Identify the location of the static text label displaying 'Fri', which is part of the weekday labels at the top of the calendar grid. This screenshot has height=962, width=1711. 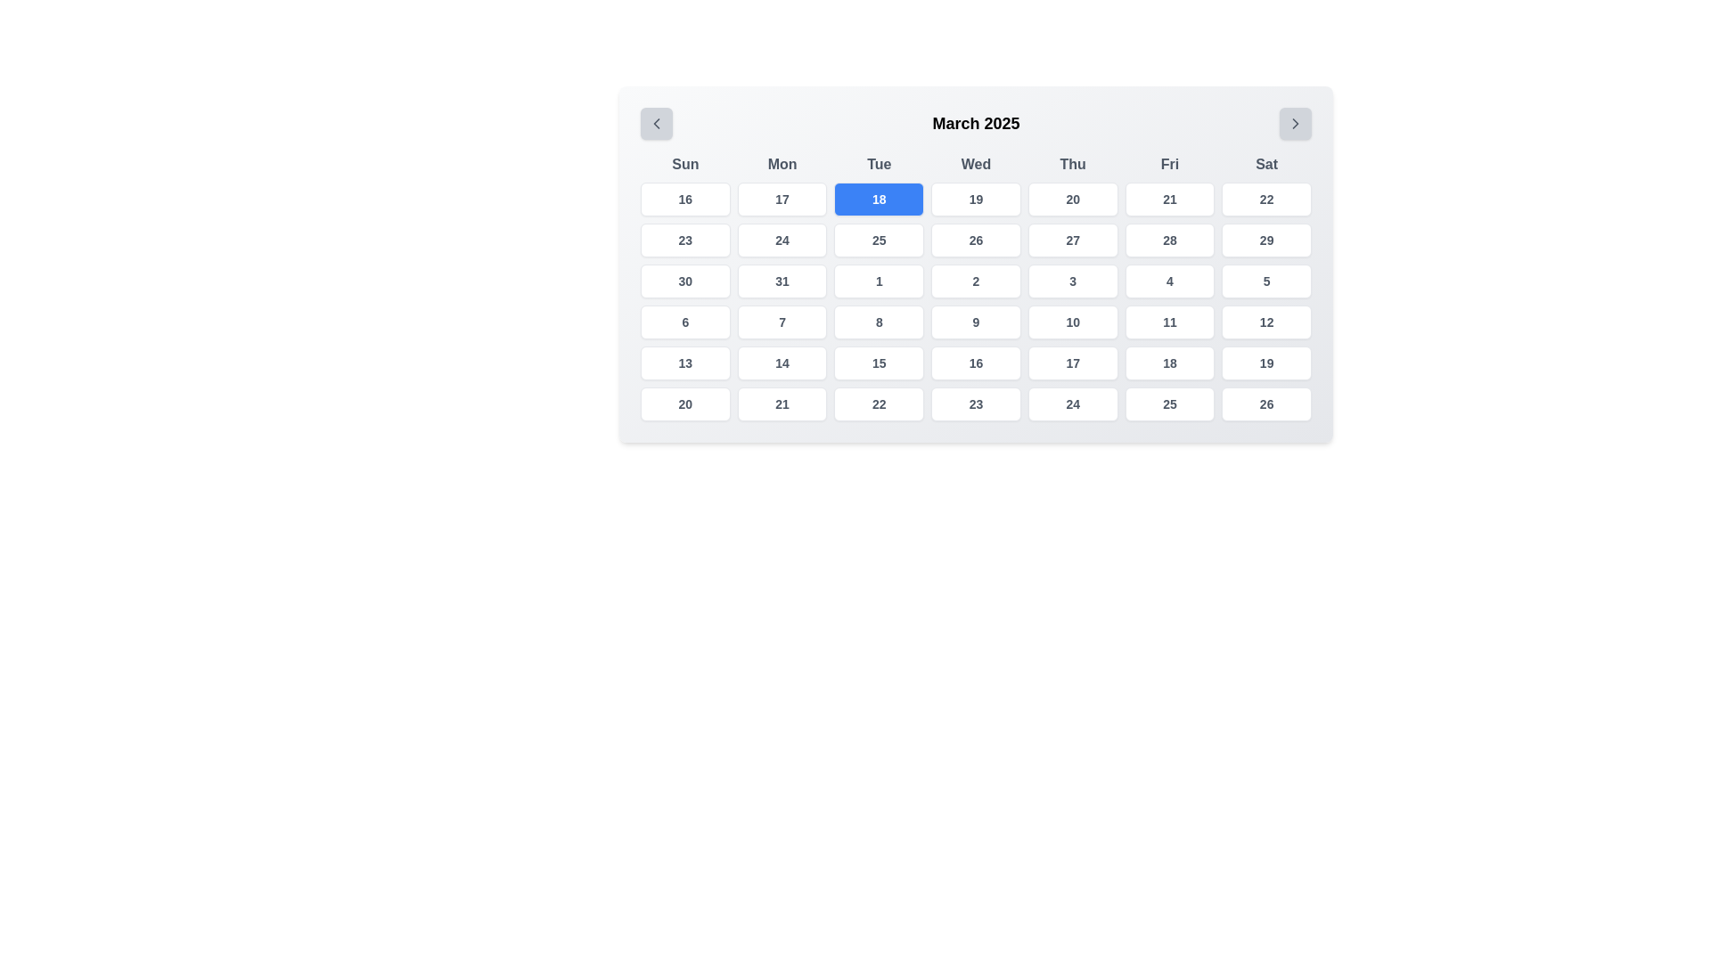
(1169, 165).